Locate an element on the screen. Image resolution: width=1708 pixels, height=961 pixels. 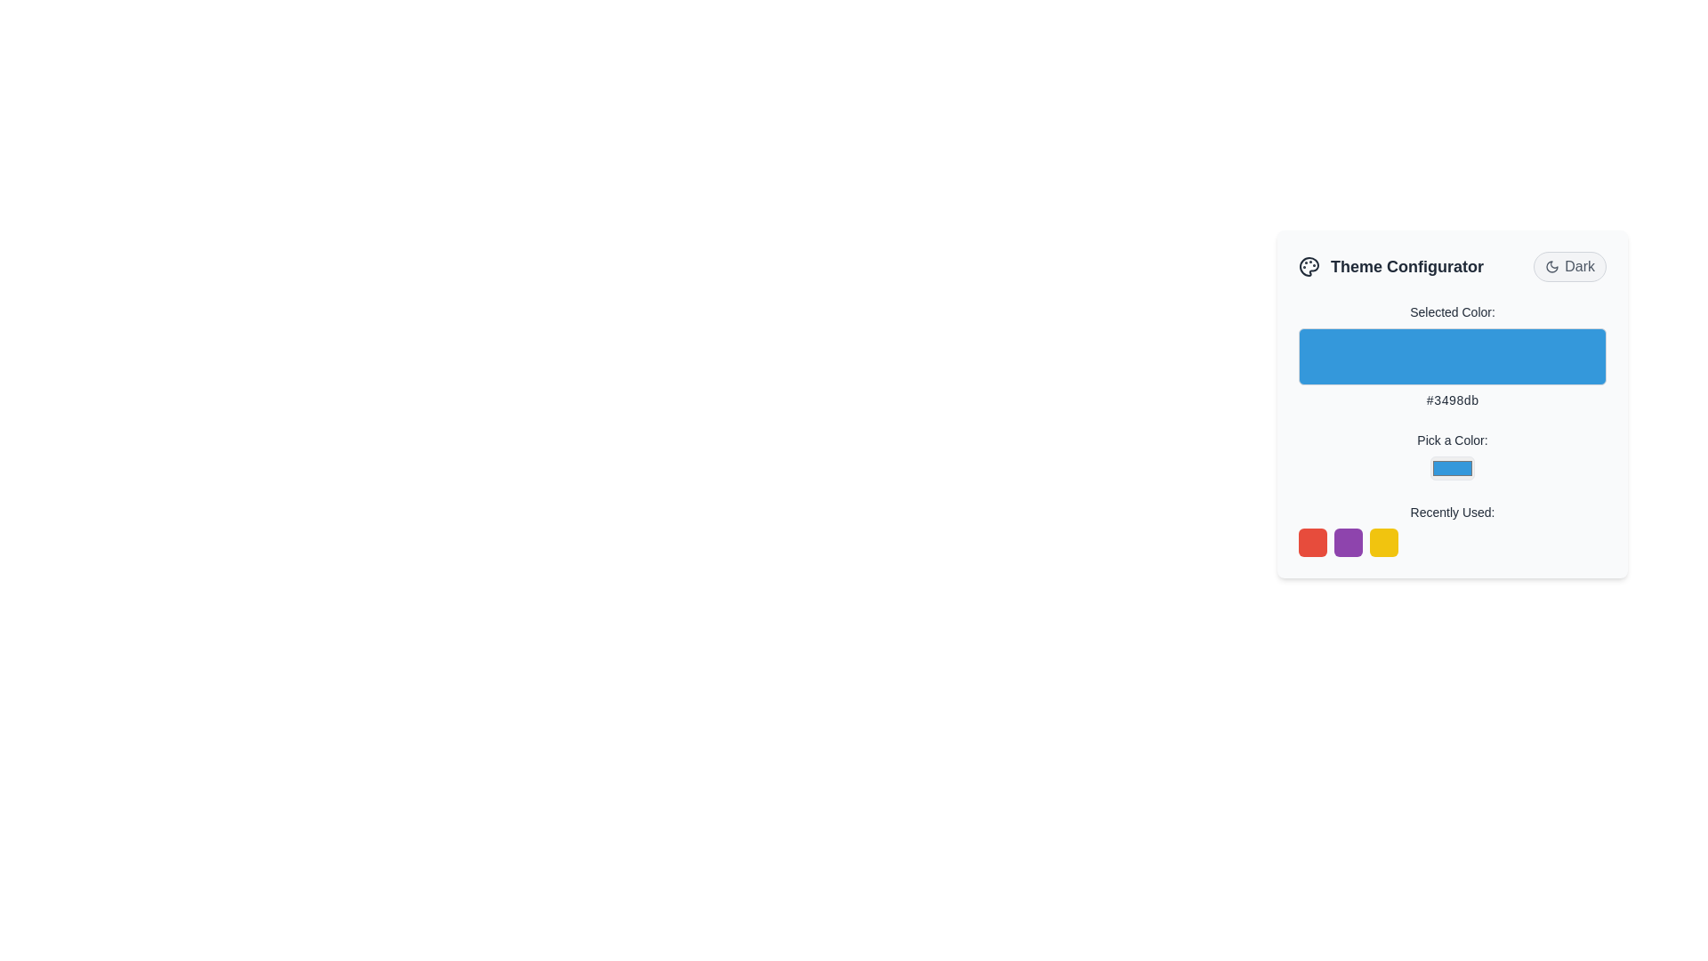
the 'Dark Mode' icon located to the left of the text 'Dark' in the theme configuration options at the top-right corner of the theme configuration card is located at coordinates (1551, 267).